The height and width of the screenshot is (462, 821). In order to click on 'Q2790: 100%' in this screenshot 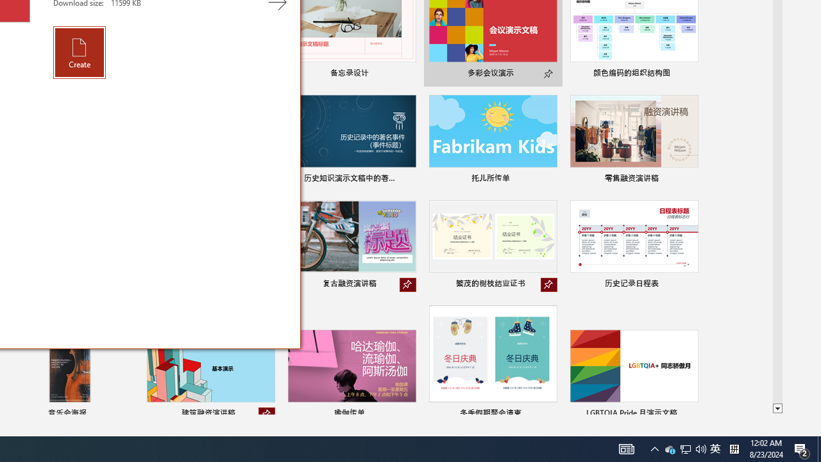, I will do `click(700, 448)`.